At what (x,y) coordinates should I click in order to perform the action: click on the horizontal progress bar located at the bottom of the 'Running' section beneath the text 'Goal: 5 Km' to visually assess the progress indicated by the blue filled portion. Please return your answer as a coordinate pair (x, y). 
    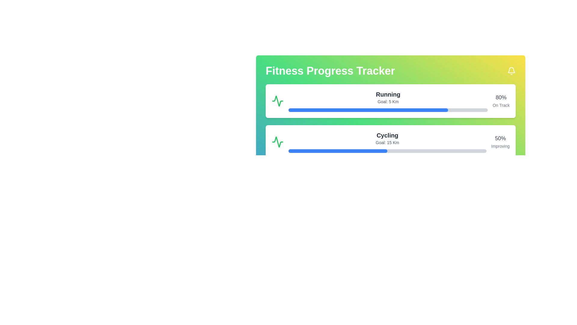
    Looking at the image, I should click on (388, 110).